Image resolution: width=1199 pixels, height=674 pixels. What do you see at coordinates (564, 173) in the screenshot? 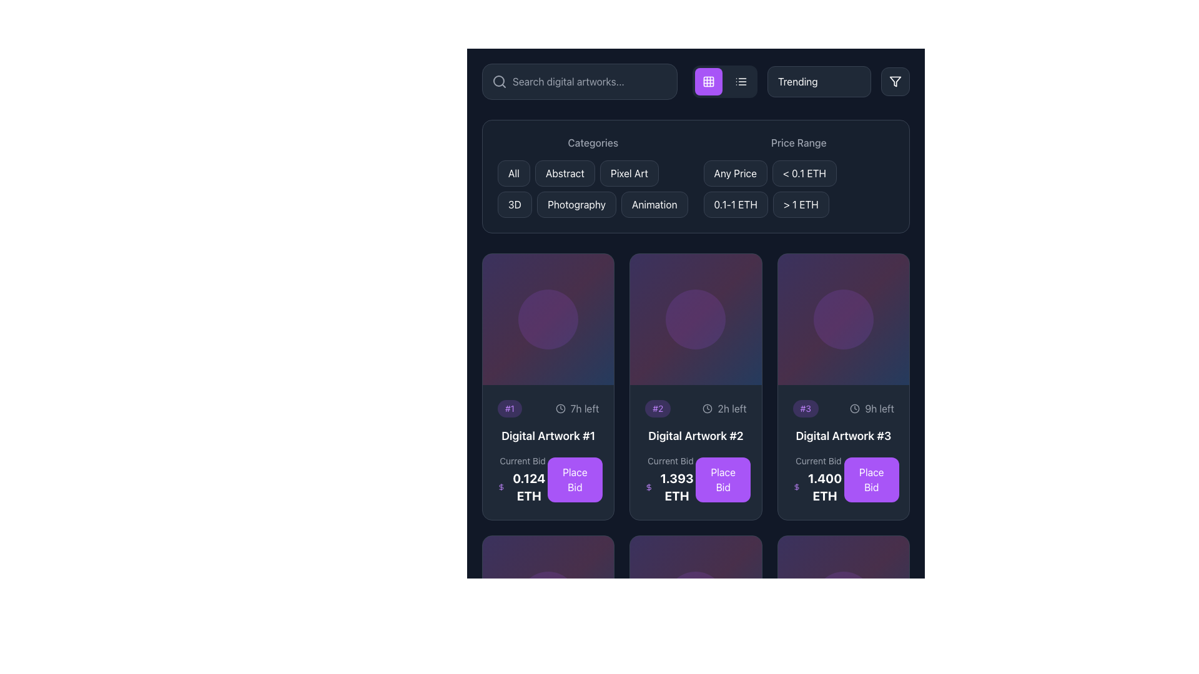
I see `the second button in the horizontal row of category buttons to filter the displayed items to show only those related to the 'Abstract' category` at bounding box center [564, 173].